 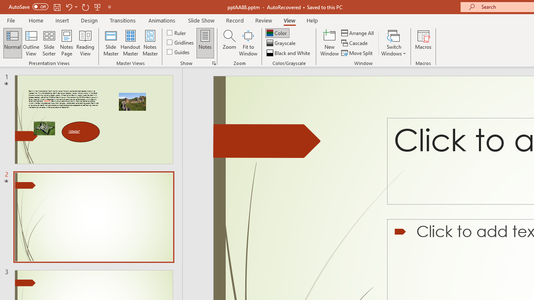 I want to click on 'Gridlines', so click(x=180, y=42).